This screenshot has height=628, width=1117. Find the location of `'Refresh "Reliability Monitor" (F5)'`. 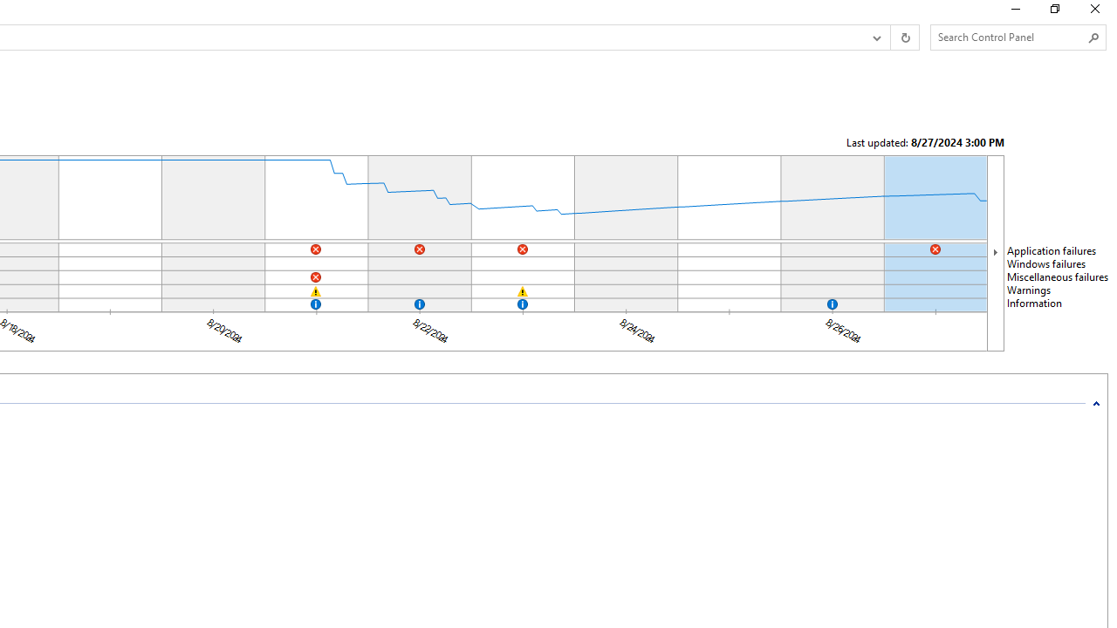

'Refresh "Reliability Monitor" (F5)' is located at coordinates (904, 38).